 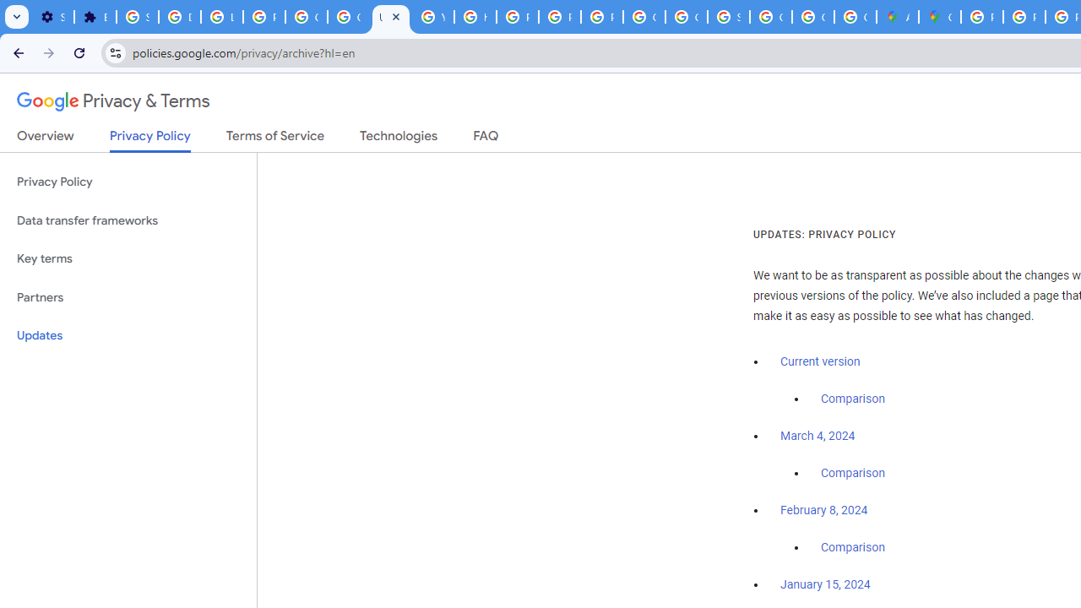 I want to click on 'Current version', so click(x=820, y=361).